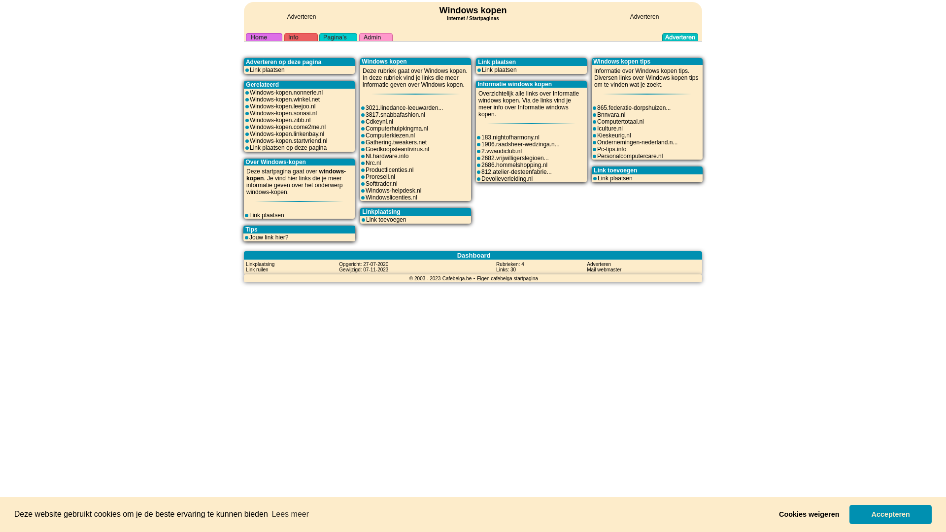  What do you see at coordinates (284, 99) in the screenshot?
I see `'Windows-kopen.winkel.net'` at bounding box center [284, 99].